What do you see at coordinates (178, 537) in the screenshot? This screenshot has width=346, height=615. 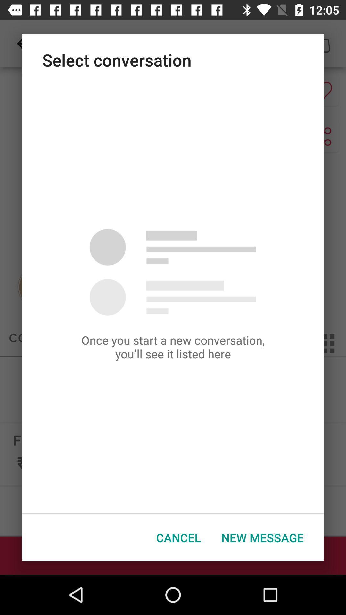 I see `the icon to the left of new message icon` at bounding box center [178, 537].